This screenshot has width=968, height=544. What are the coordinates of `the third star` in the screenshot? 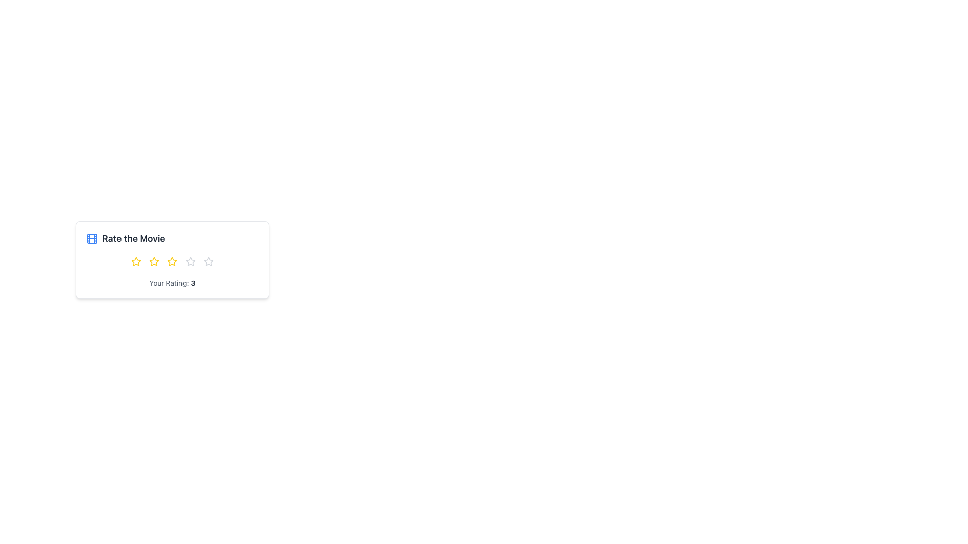 It's located at (191, 261).